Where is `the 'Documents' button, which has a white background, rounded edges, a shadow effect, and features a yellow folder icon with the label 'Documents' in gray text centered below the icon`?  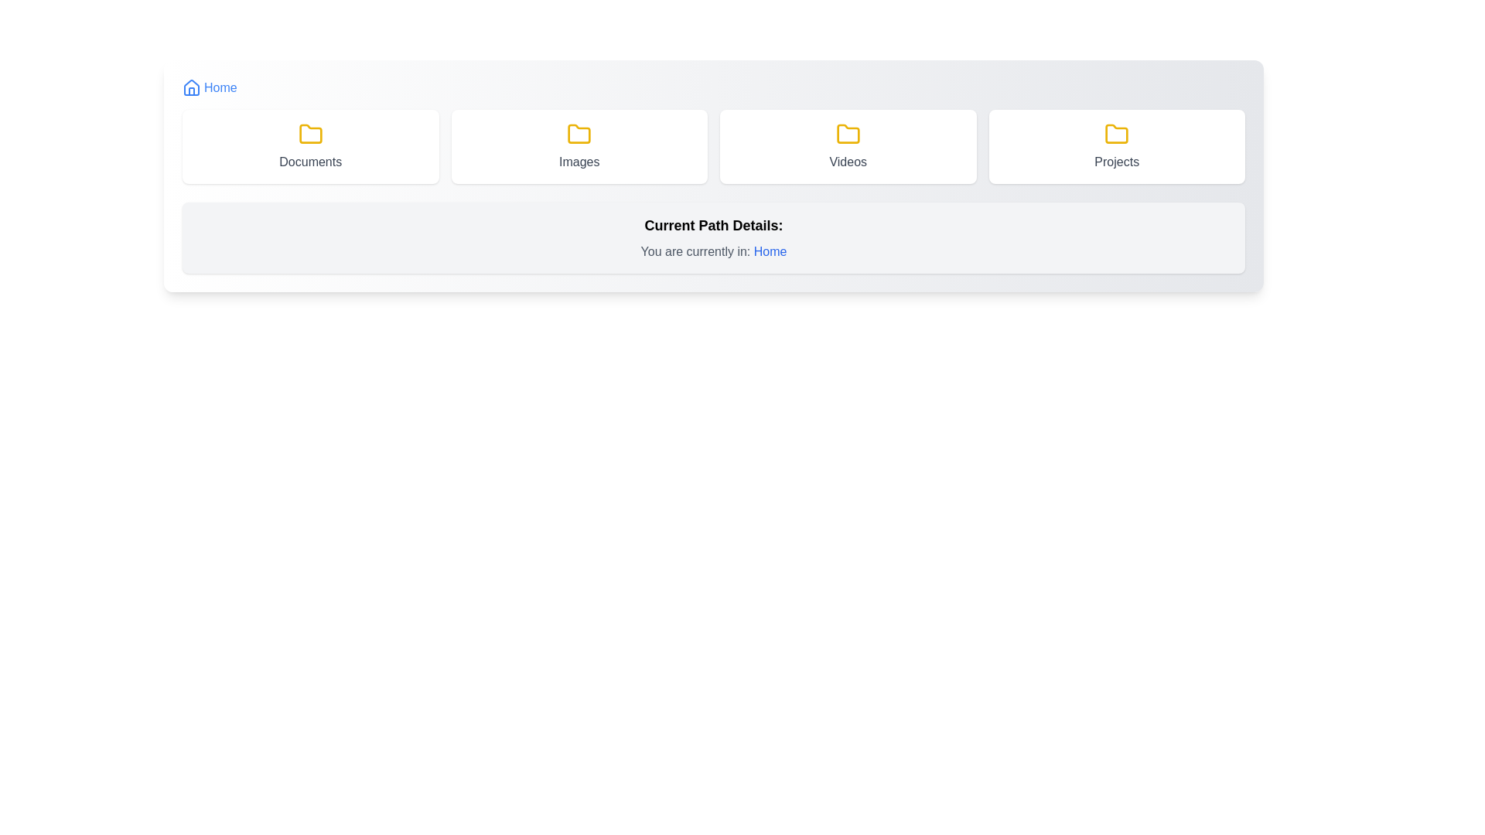 the 'Documents' button, which has a white background, rounded edges, a shadow effect, and features a yellow folder icon with the label 'Documents' in gray text centered below the icon is located at coordinates (309, 146).